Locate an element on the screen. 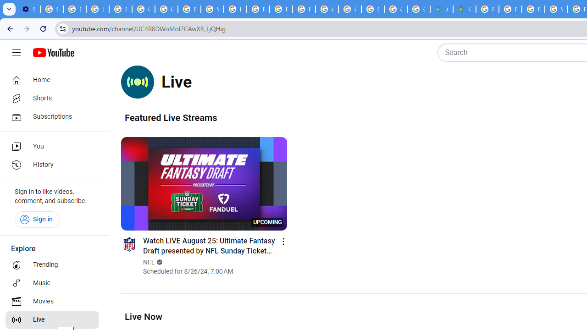 The width and height of the screenshot is (587, 330). 'Policy Accountability and Transparency - Transparency Center' is located at coordinates (487, 9).